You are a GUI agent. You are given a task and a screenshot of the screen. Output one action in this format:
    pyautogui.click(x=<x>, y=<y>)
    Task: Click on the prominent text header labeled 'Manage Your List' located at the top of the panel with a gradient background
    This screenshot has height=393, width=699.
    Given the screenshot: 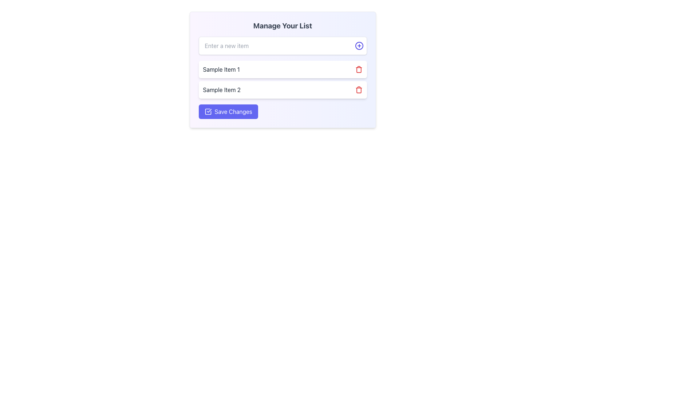 What is the action you would take?
    pyautogui.click(x=282, y=25)
    